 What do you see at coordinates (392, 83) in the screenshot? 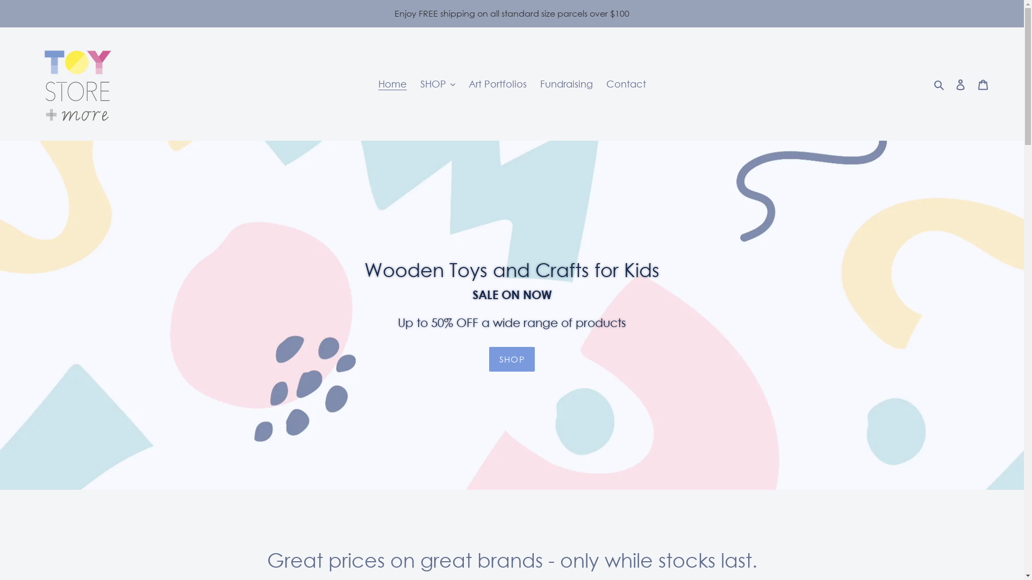
I see `'Home'` at bounding box center [392, 83].